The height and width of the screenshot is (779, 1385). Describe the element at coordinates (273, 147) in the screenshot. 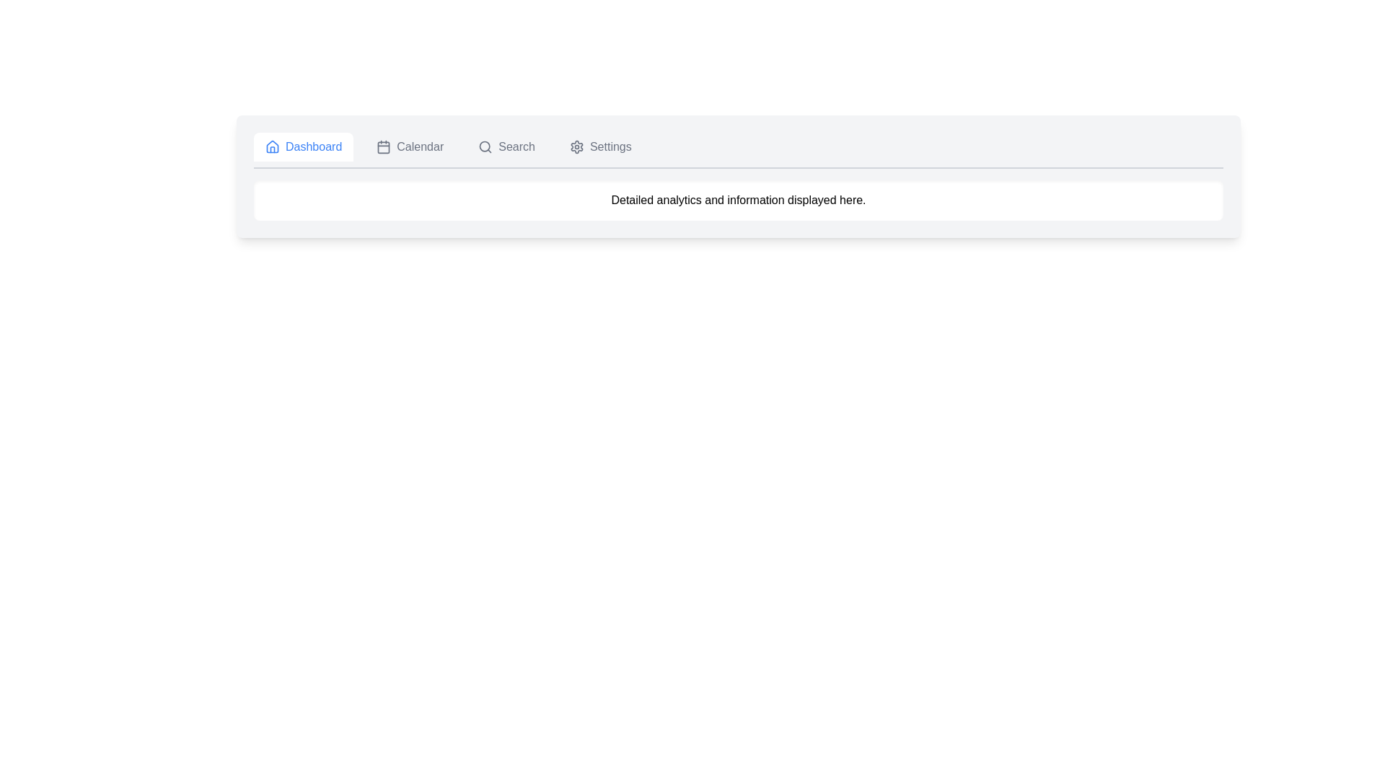

I see `the 'Dashboard' icon located in the top-left corner of the interface, which serves as a visual representation for navigation` at that location.